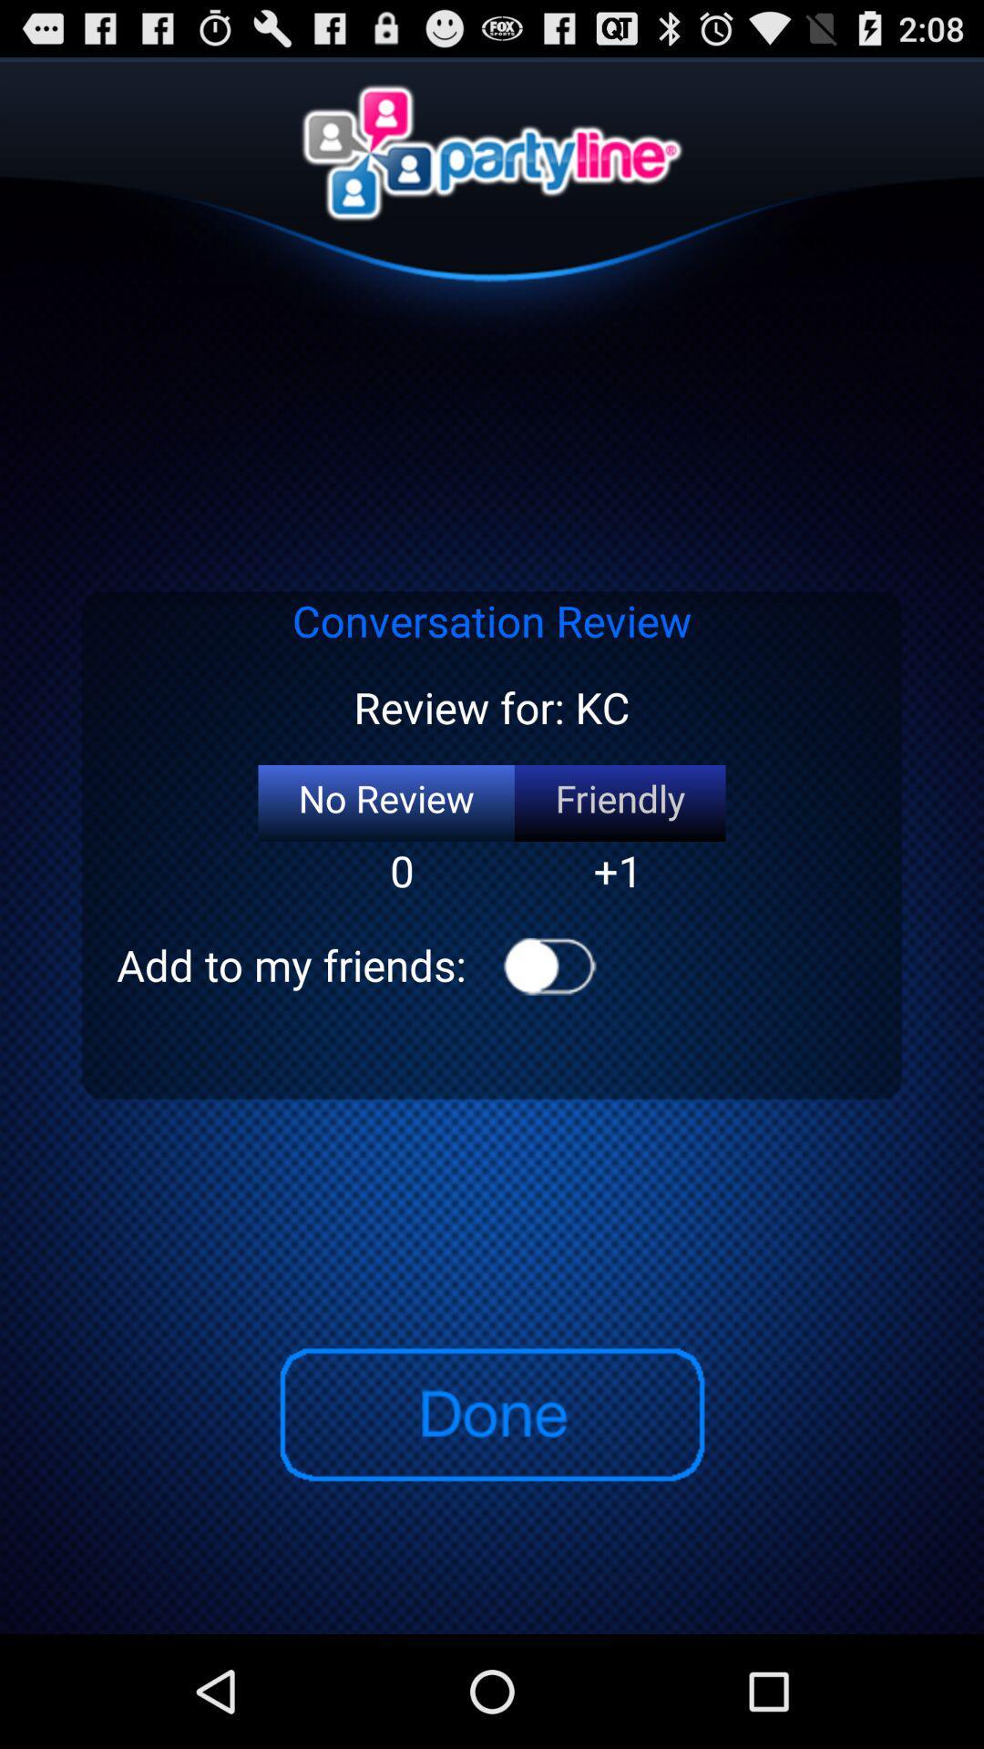 The width and height of the screenshot is (984, 1749). What do you see at coordinates (548, 966) in the screenshot?
I see `the item below the +1 app` at bounding box center [548, 966].